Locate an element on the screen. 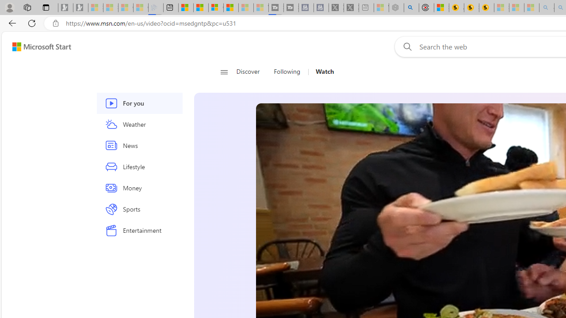  'Class: button-glyph' is located at coordinates (224, 72).